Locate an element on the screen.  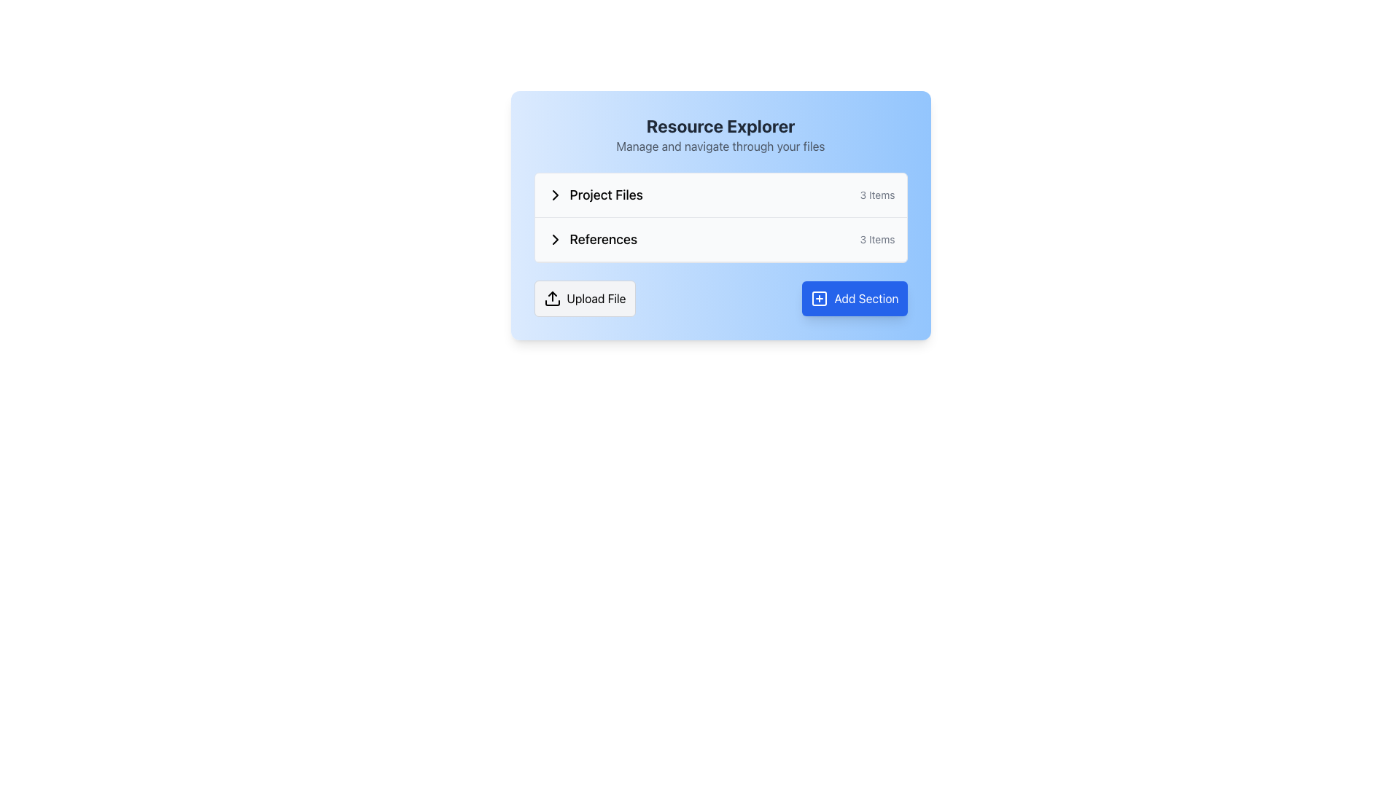
the 'References' text label with icon, which is styled in bold and serves as a navigational or expandable section under the 'Resource Explorer' heading is located at coordinates (591, 238).